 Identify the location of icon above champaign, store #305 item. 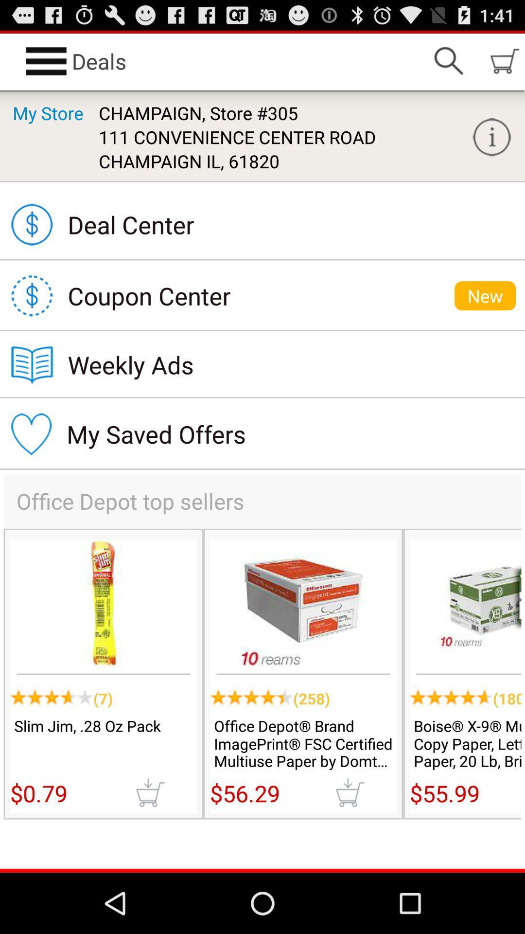
(448, 60).